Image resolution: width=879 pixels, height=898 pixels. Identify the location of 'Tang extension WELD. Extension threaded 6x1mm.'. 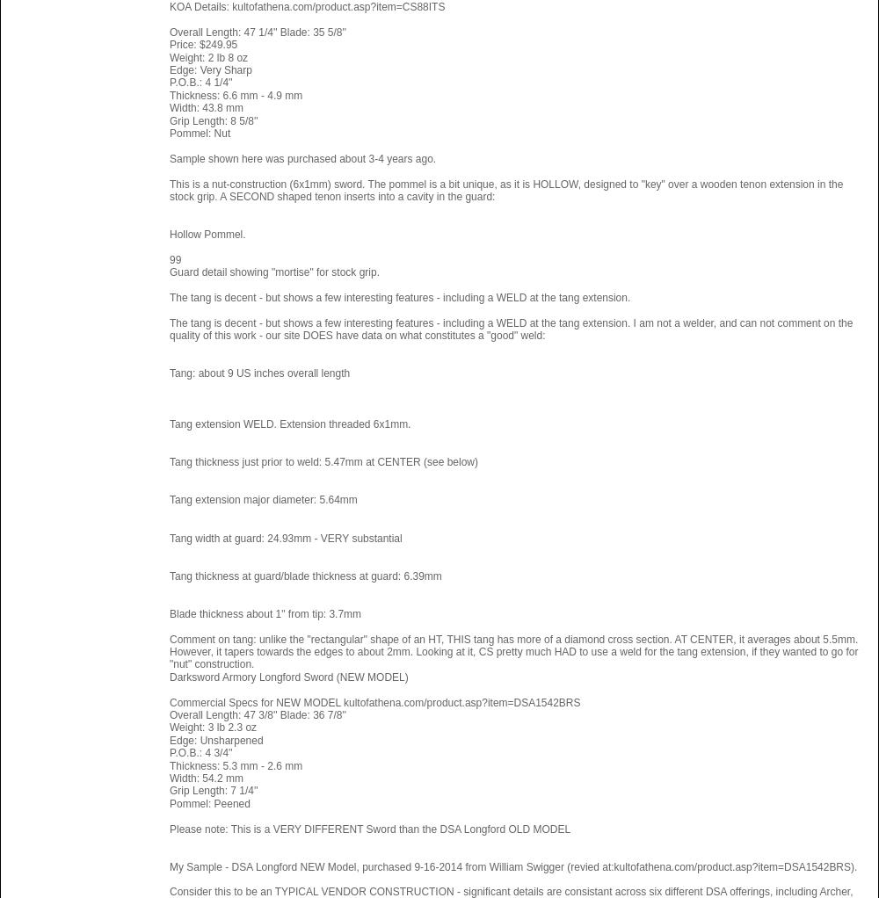
(289, 424).